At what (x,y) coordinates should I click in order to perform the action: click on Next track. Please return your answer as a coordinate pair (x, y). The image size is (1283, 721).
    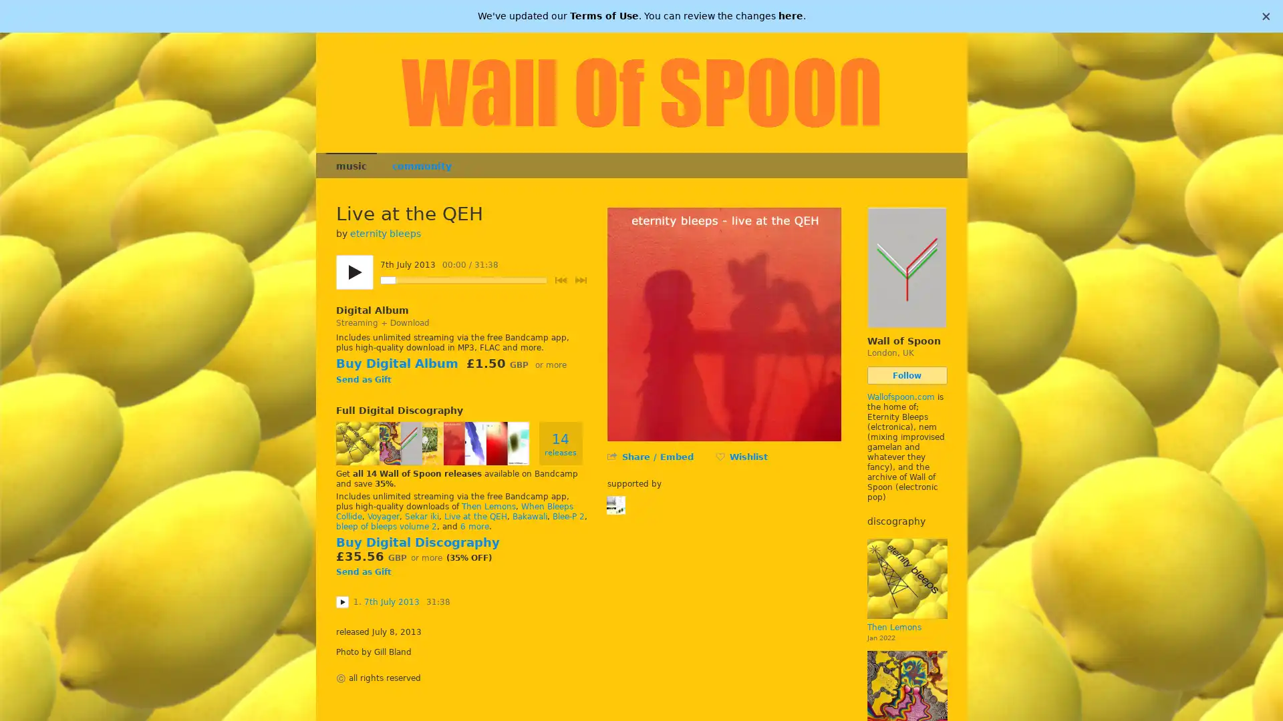
    Looking at the image, I should click on (580, 280).